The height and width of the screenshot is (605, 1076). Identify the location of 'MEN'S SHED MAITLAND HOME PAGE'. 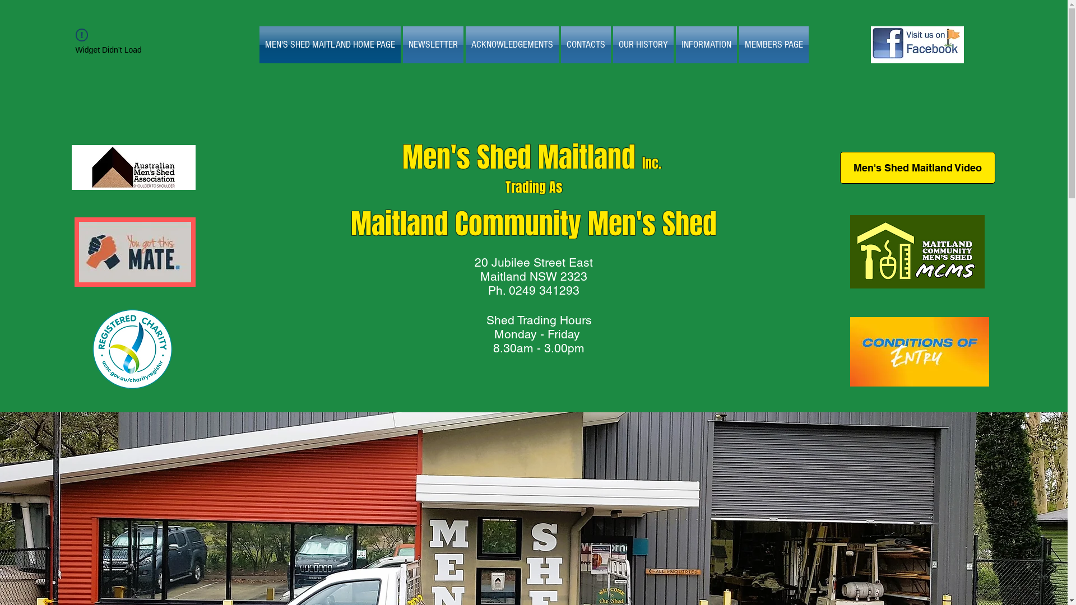
(330, 44).